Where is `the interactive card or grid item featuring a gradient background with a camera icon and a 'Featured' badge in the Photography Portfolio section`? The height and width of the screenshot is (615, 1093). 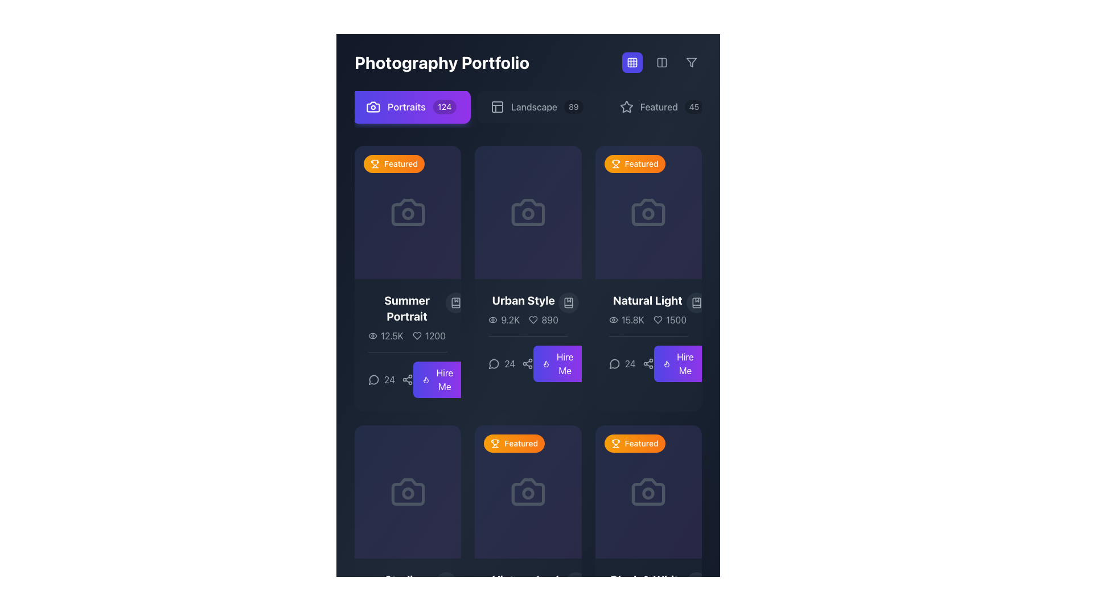 the interactive card or grid item featuring a gradient background with a camera icon and a 'Featured' badge in the Photography Portfolio section is located at coordinates (408, 212).